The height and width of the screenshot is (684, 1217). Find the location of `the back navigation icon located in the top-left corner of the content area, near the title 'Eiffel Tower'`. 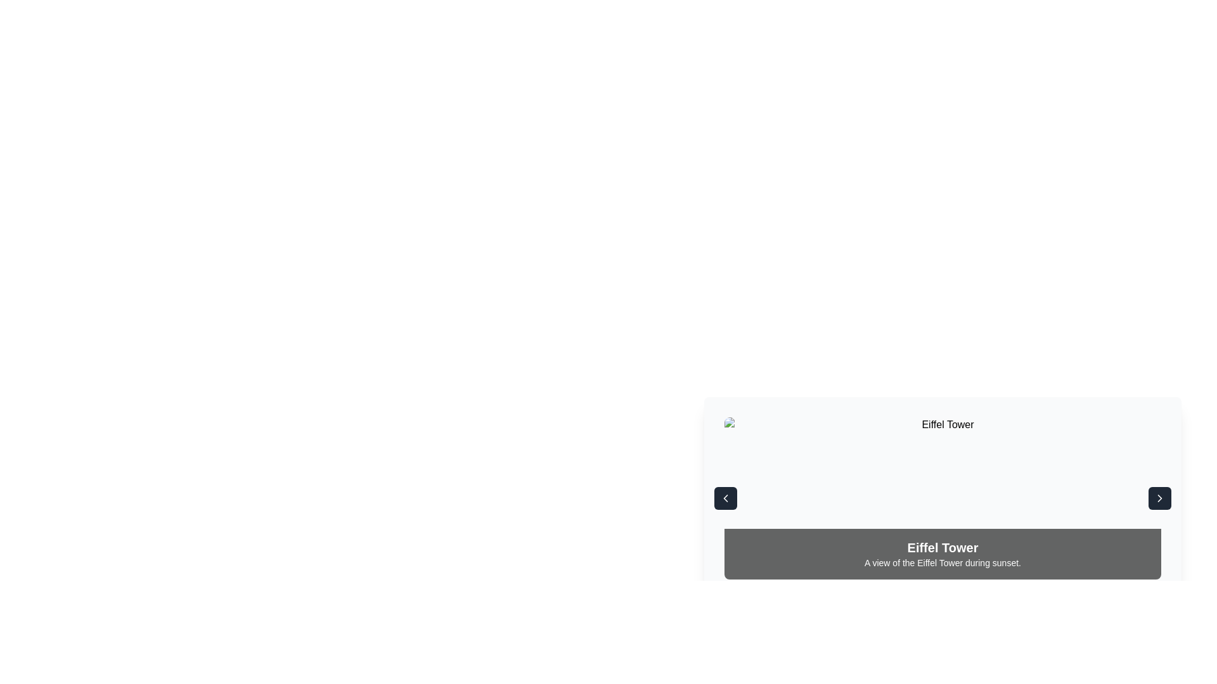

the back navigation icon located in the top-left corner of the content area, near the title 'Eiffel Tower' is located at coordinates (726, 497).